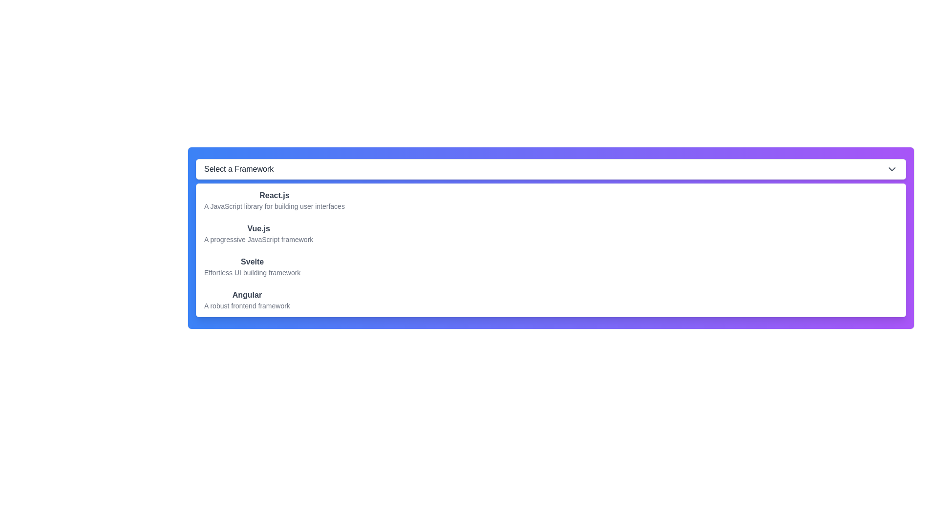 The height and width of the screenshot is (527, 938). I want to click on the dropdown menu with the default value 'Select a Framework', so click(551, 169).